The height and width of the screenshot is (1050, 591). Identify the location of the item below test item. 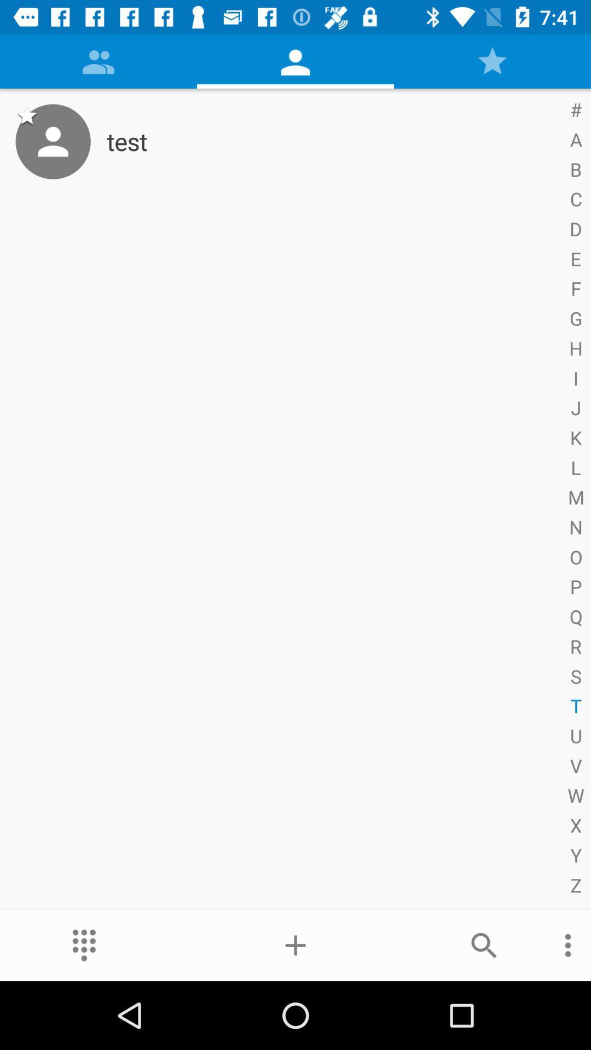
(483, 944).